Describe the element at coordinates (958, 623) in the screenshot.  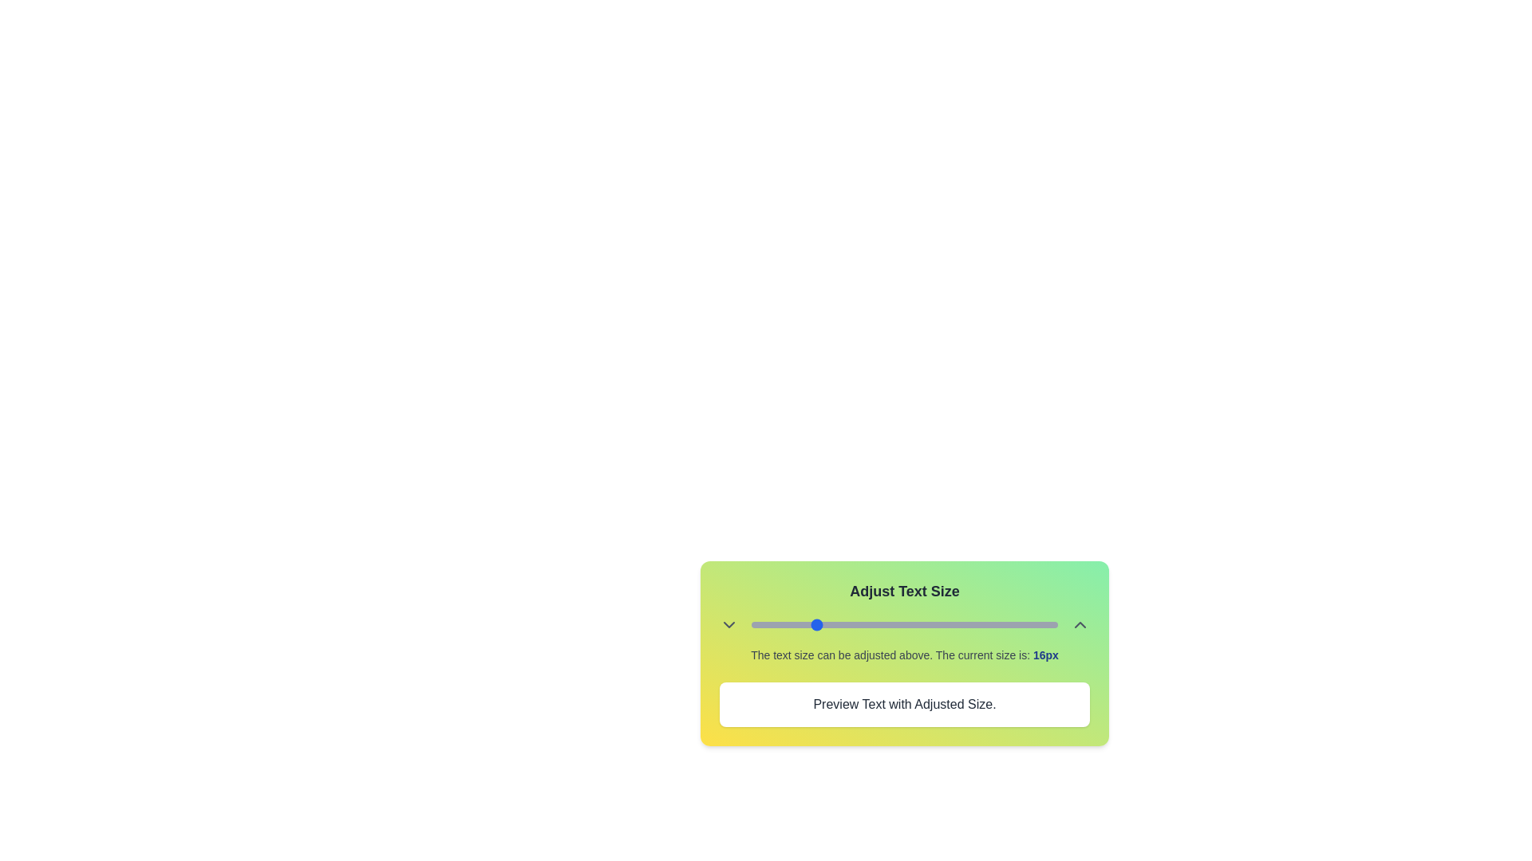
I see `the text size to 35px using the slider` at that location.